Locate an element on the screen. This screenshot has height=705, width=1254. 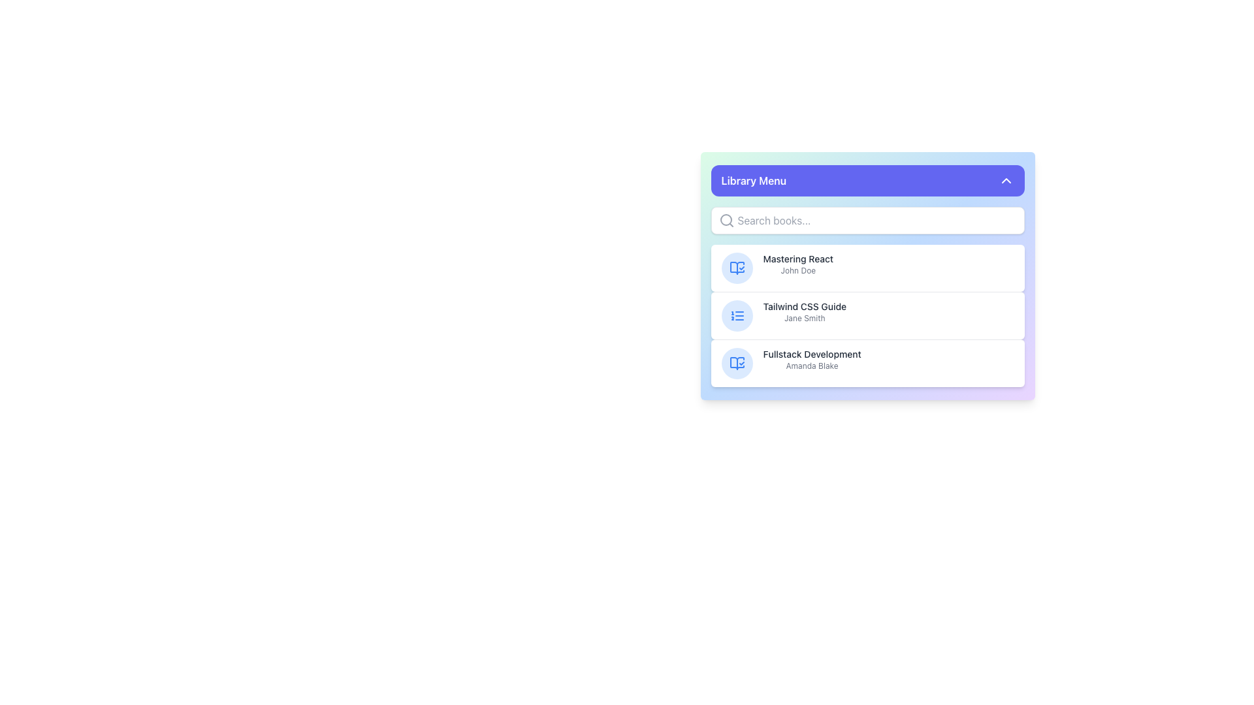
text label displaying 'John Doe' located beneath the title 'Mastering React' in the first book entry of the vertical list is located at coordinates (797, 270).